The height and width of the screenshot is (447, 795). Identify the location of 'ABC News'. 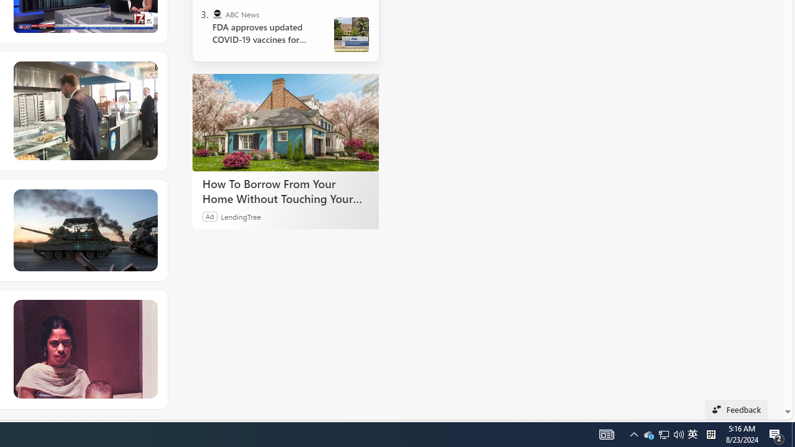
(217, 14).